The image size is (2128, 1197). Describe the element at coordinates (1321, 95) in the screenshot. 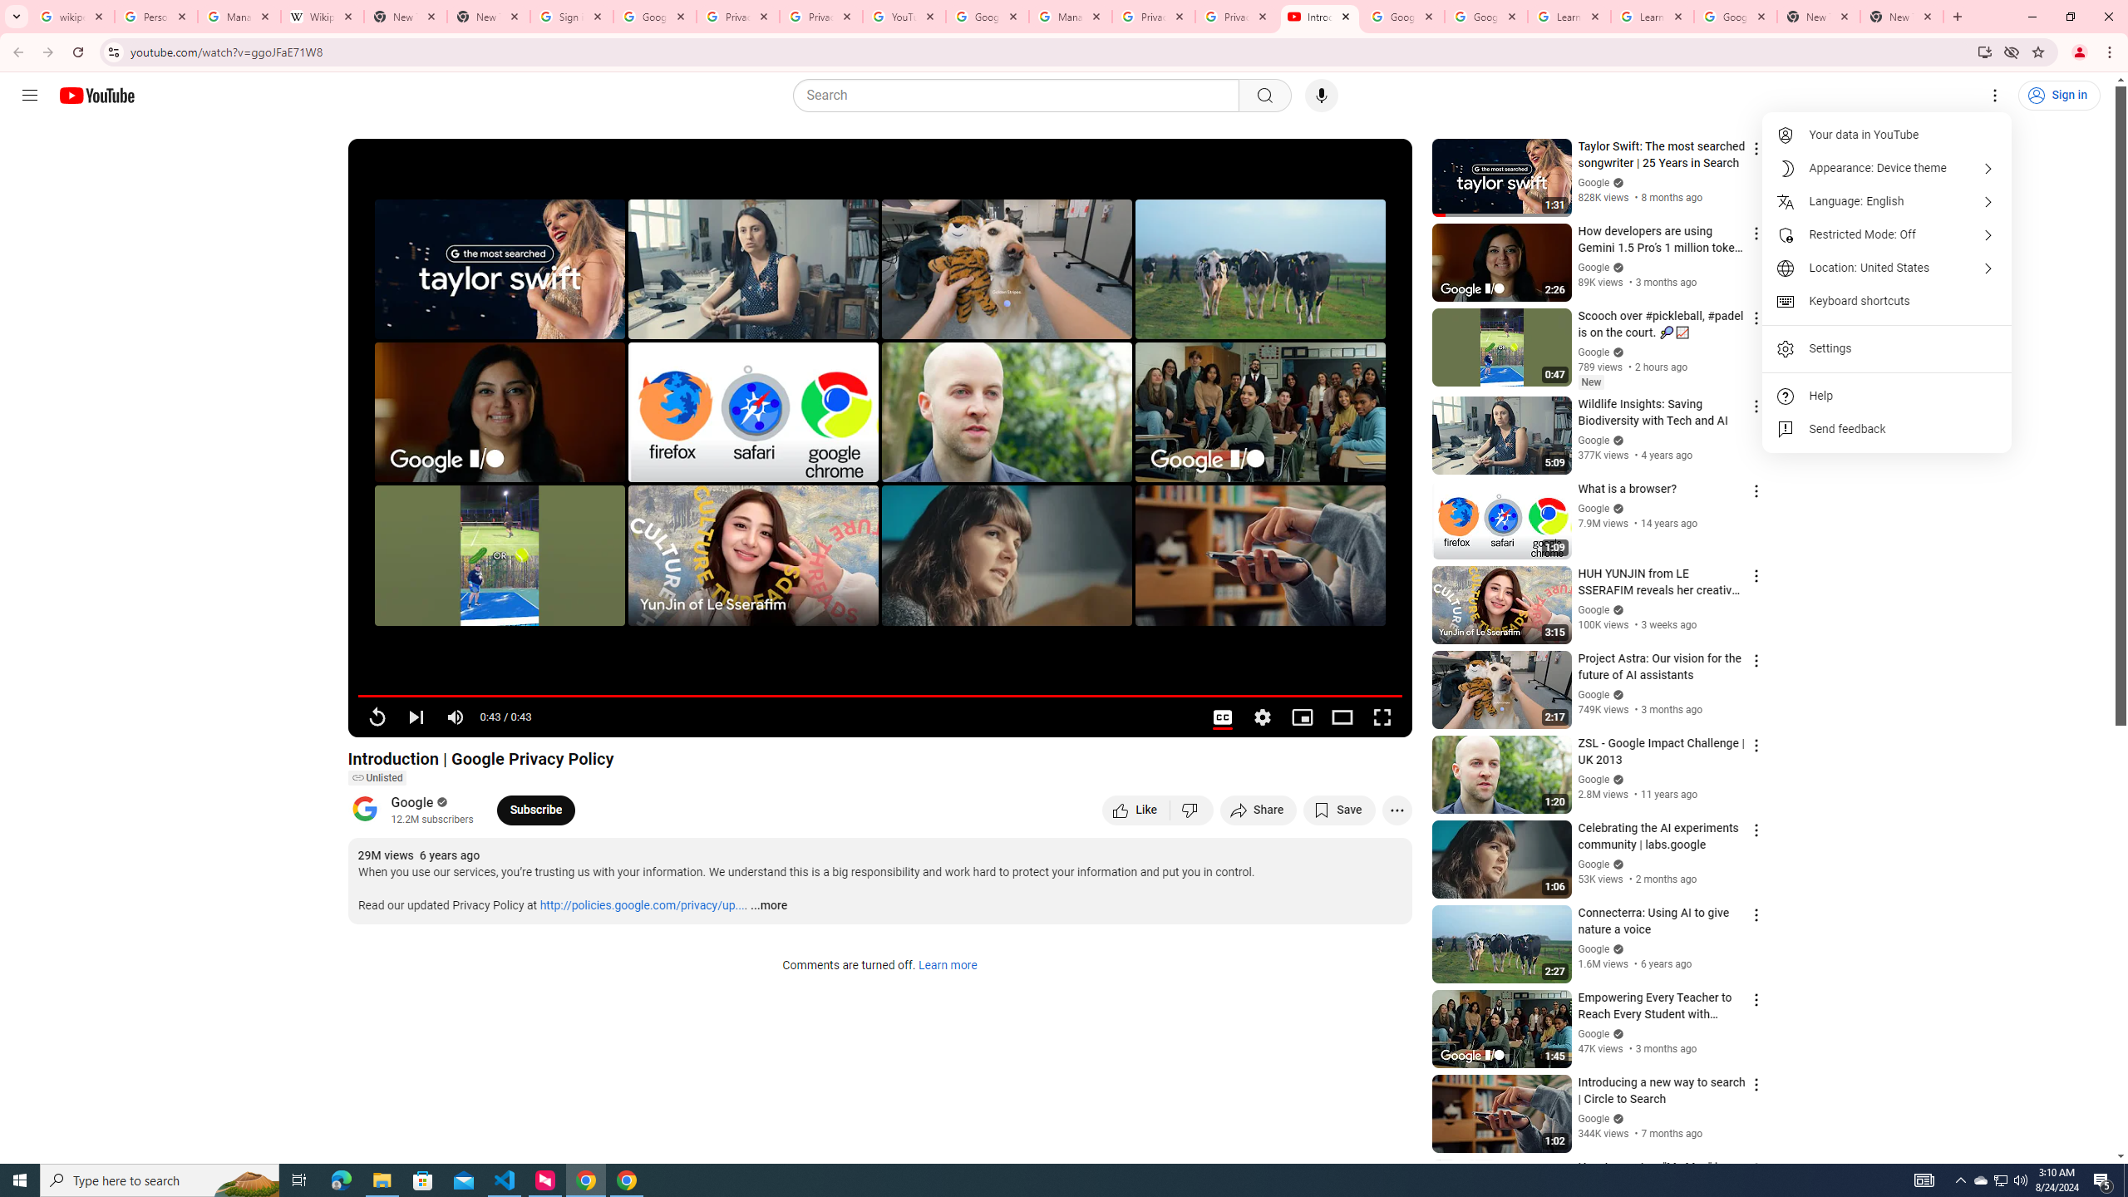

I see `'Search with your voice'` at that location.